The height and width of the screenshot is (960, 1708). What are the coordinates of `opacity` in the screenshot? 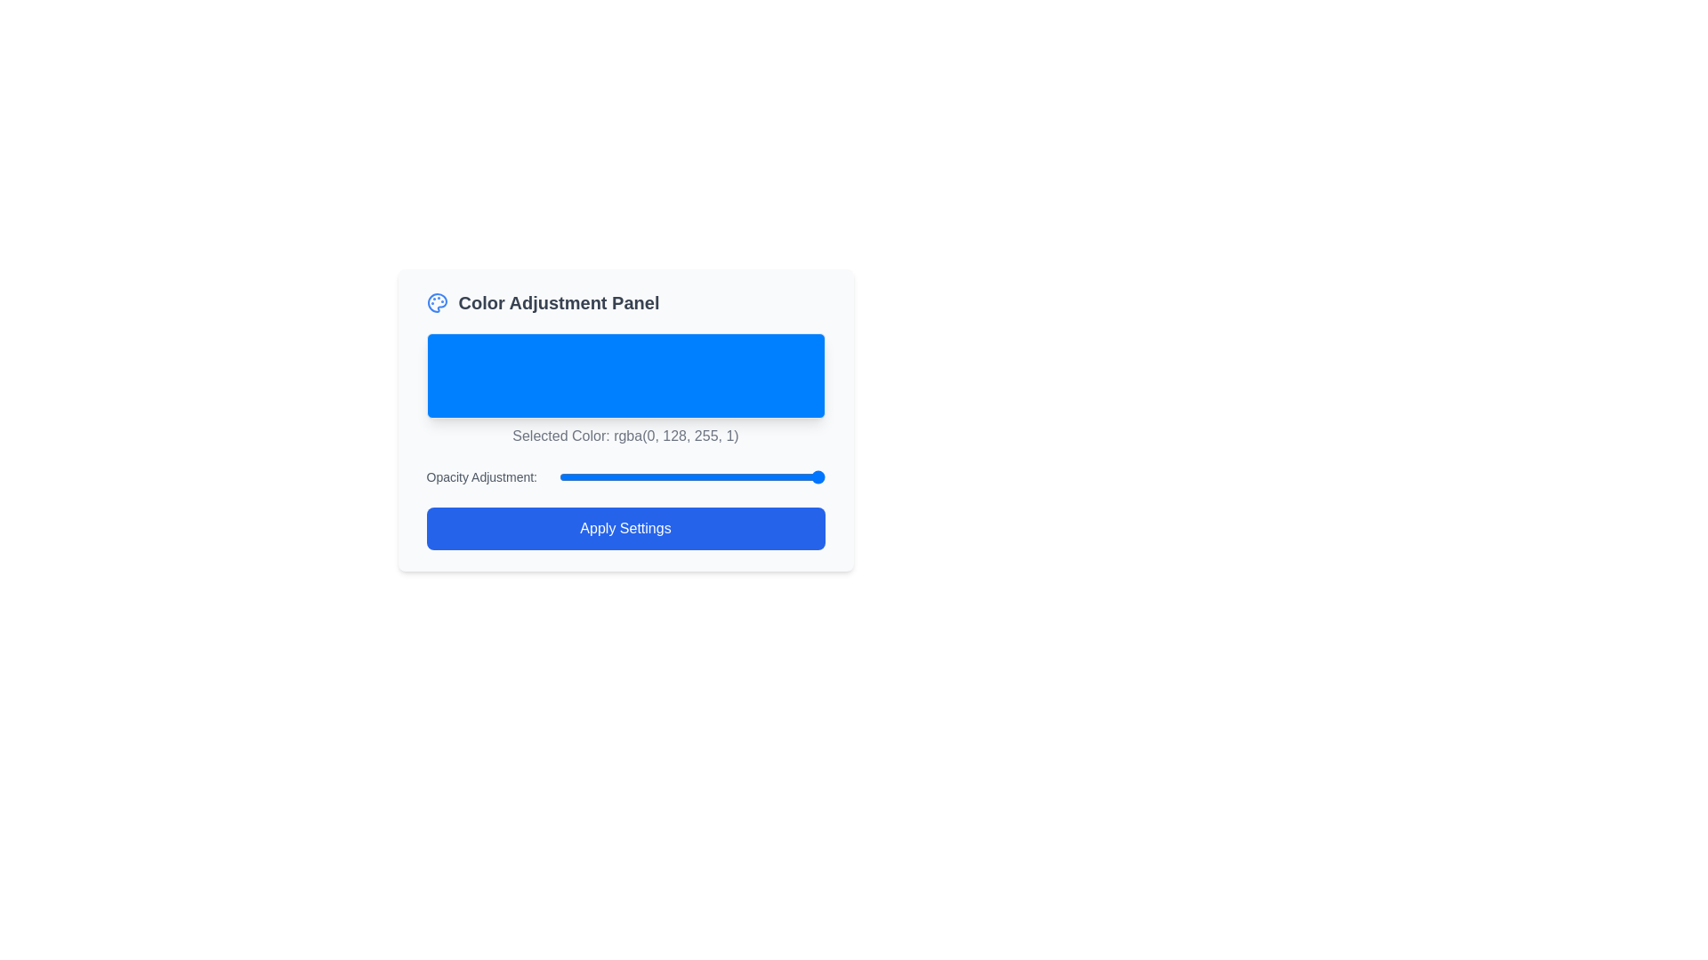 It's located at (558, 476).